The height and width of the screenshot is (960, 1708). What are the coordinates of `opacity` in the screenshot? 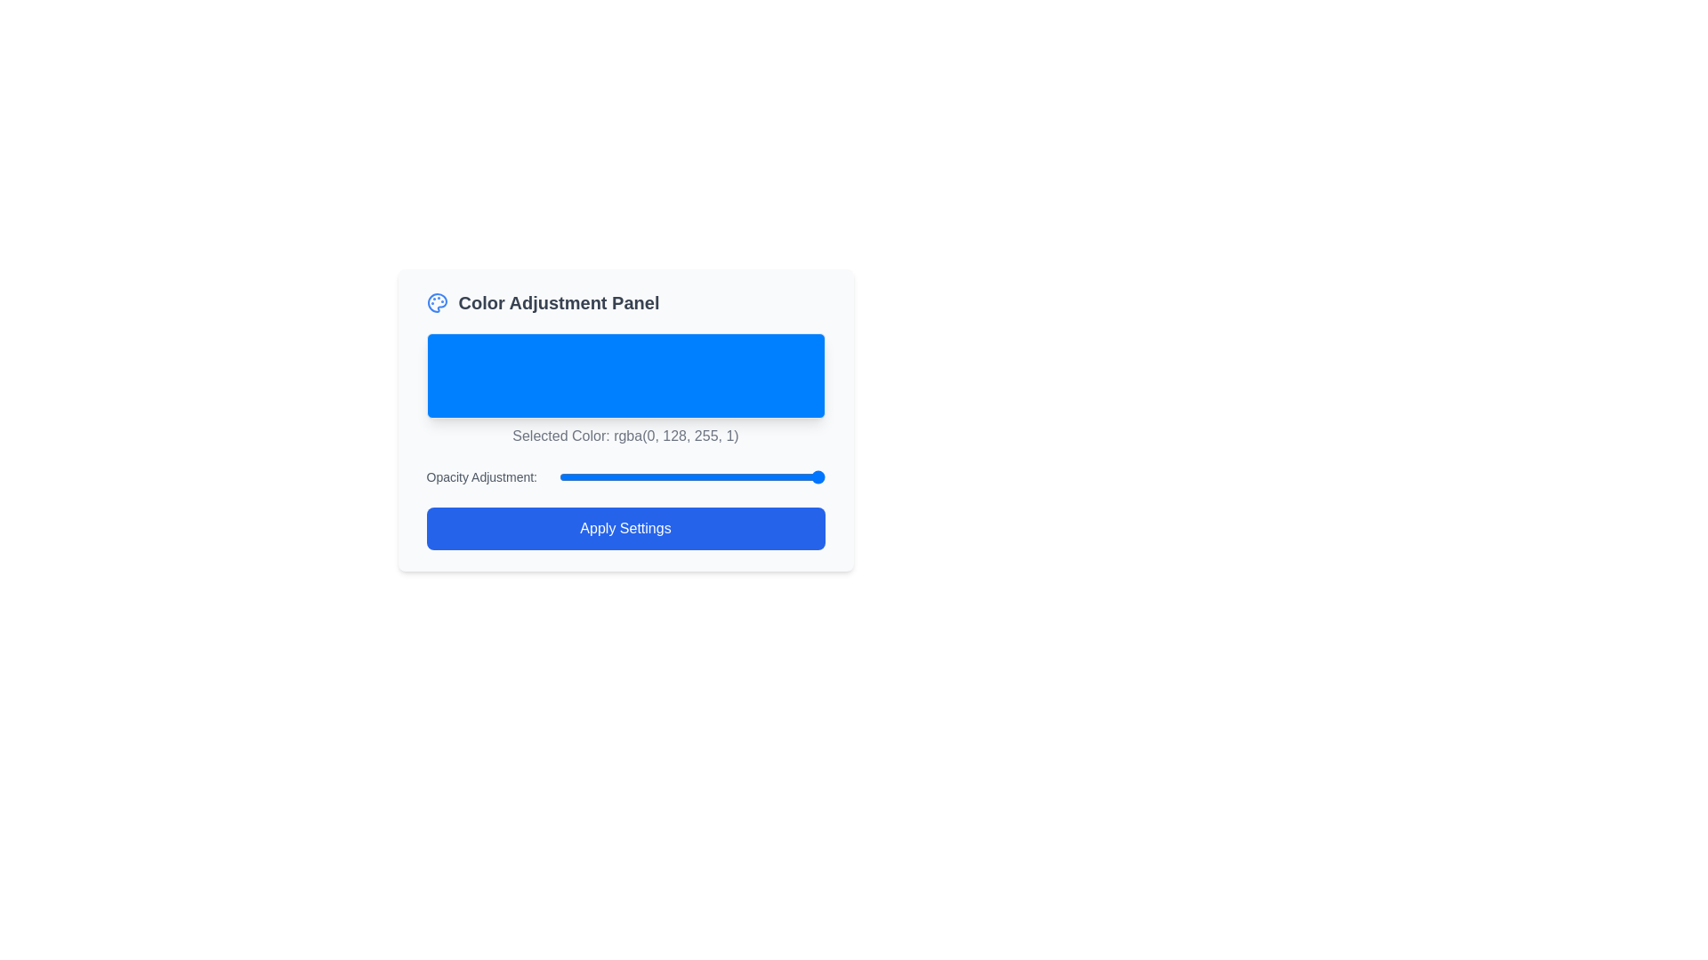 It's located at (558, 476).